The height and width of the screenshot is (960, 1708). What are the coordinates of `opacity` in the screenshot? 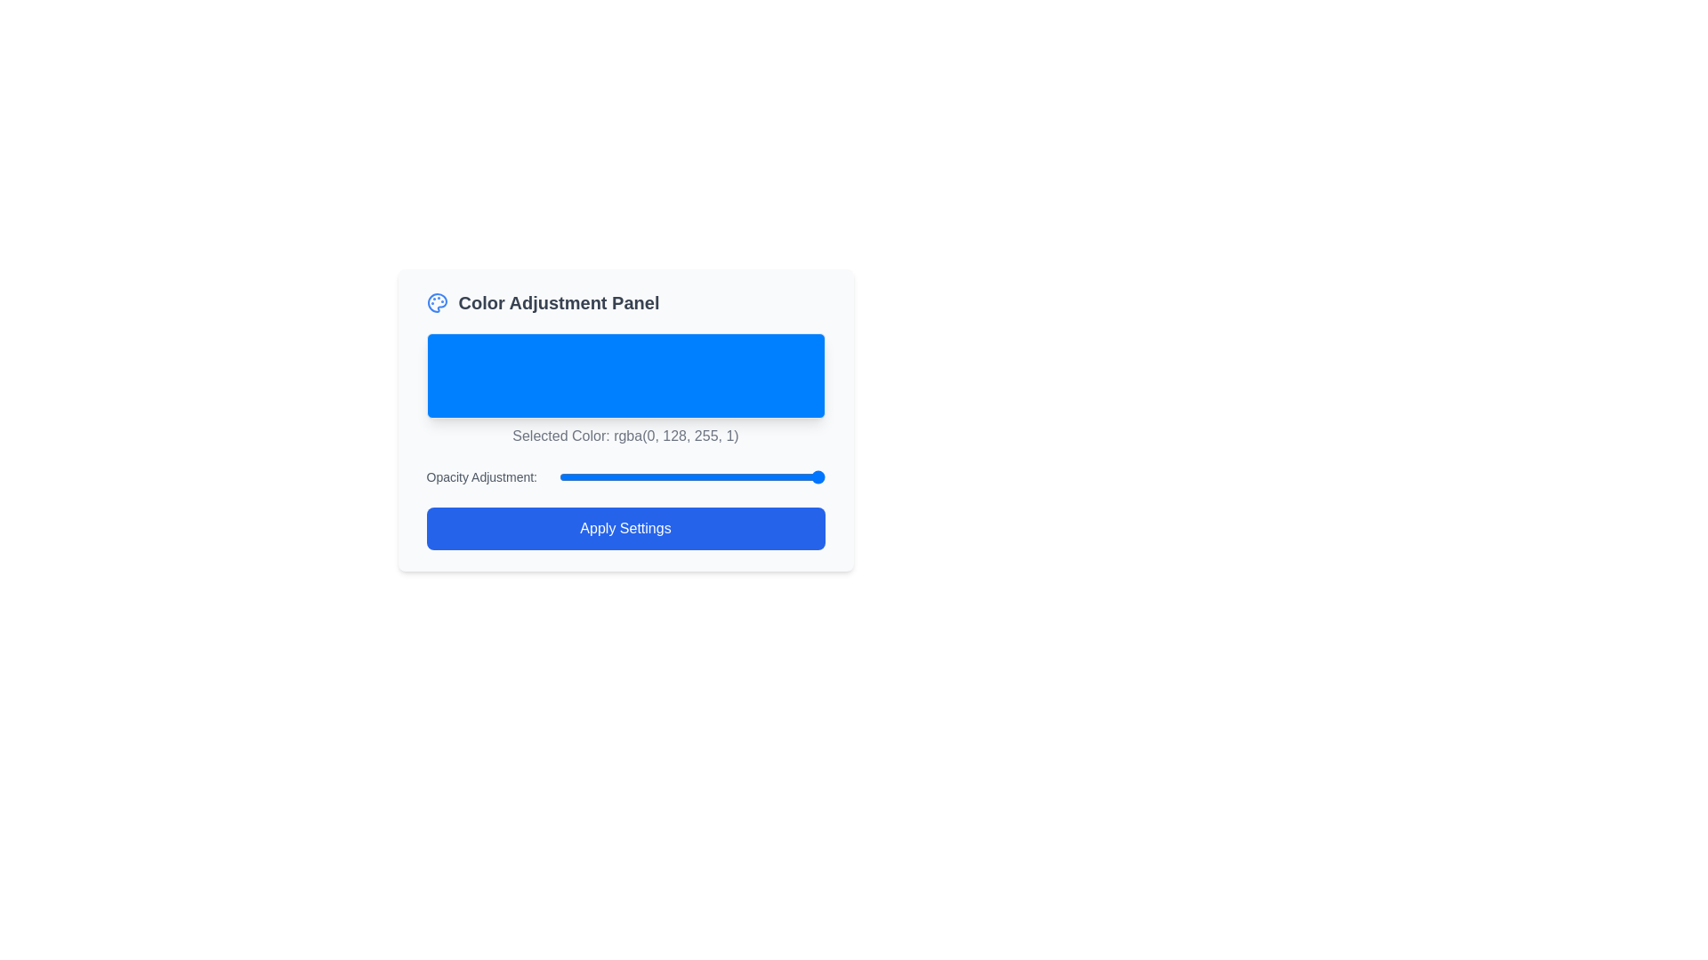 It's located at (558, 476).